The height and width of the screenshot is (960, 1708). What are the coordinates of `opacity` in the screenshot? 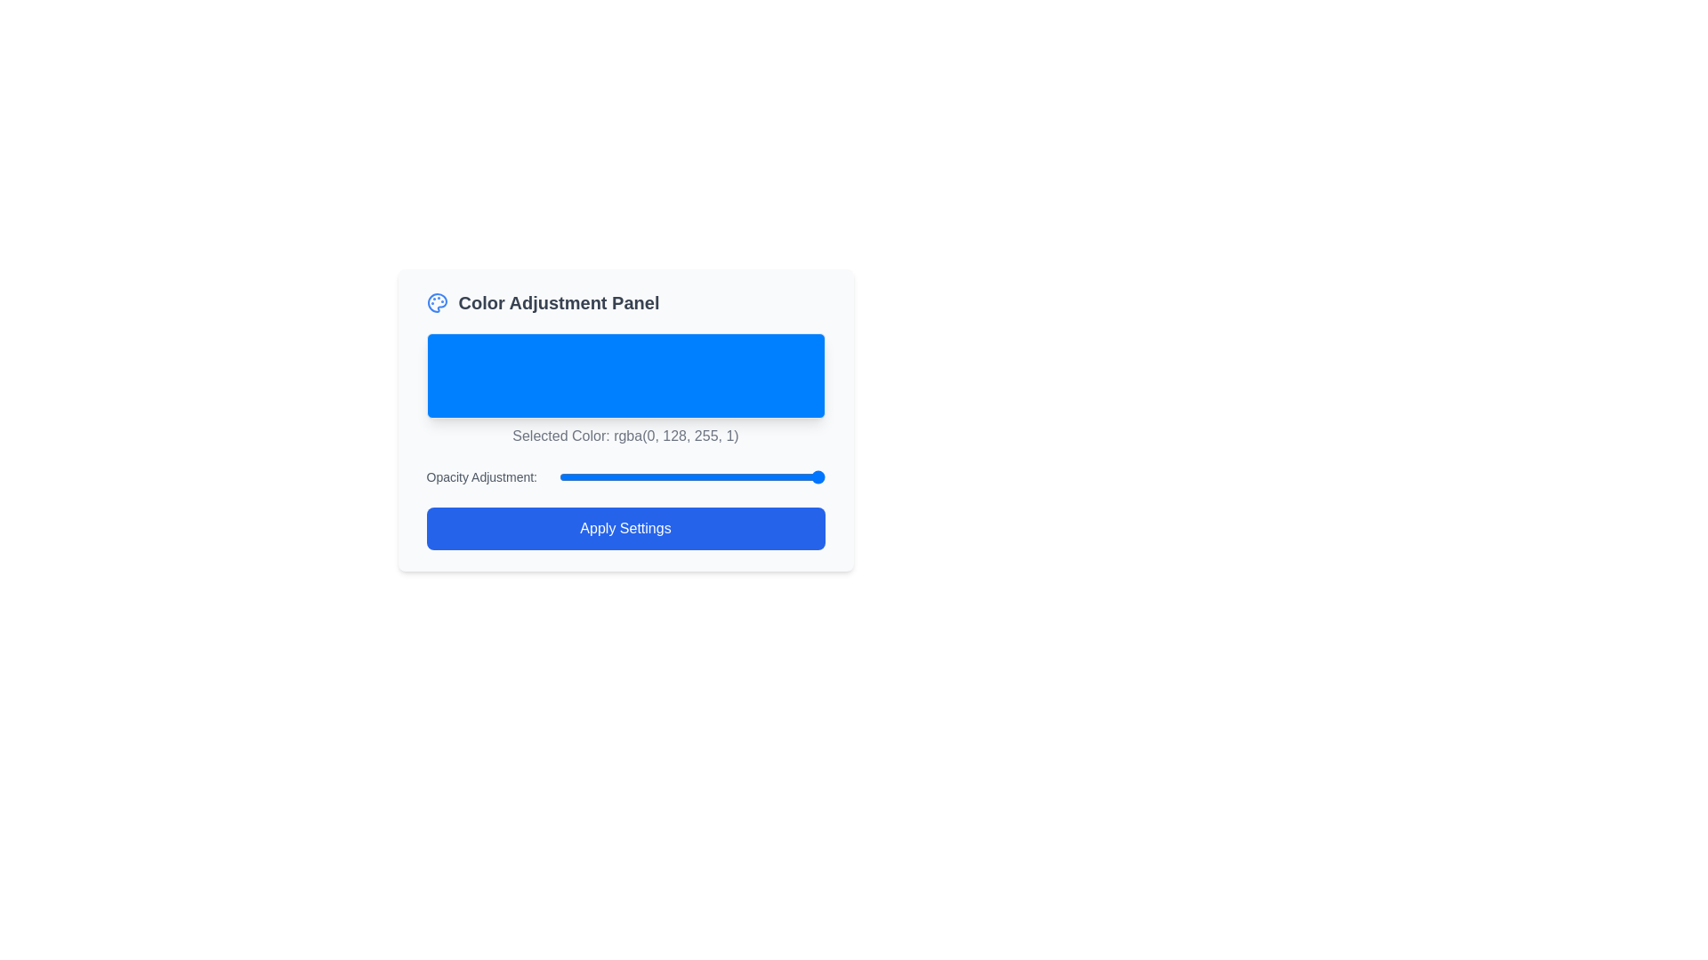 It's located at (558, 476).